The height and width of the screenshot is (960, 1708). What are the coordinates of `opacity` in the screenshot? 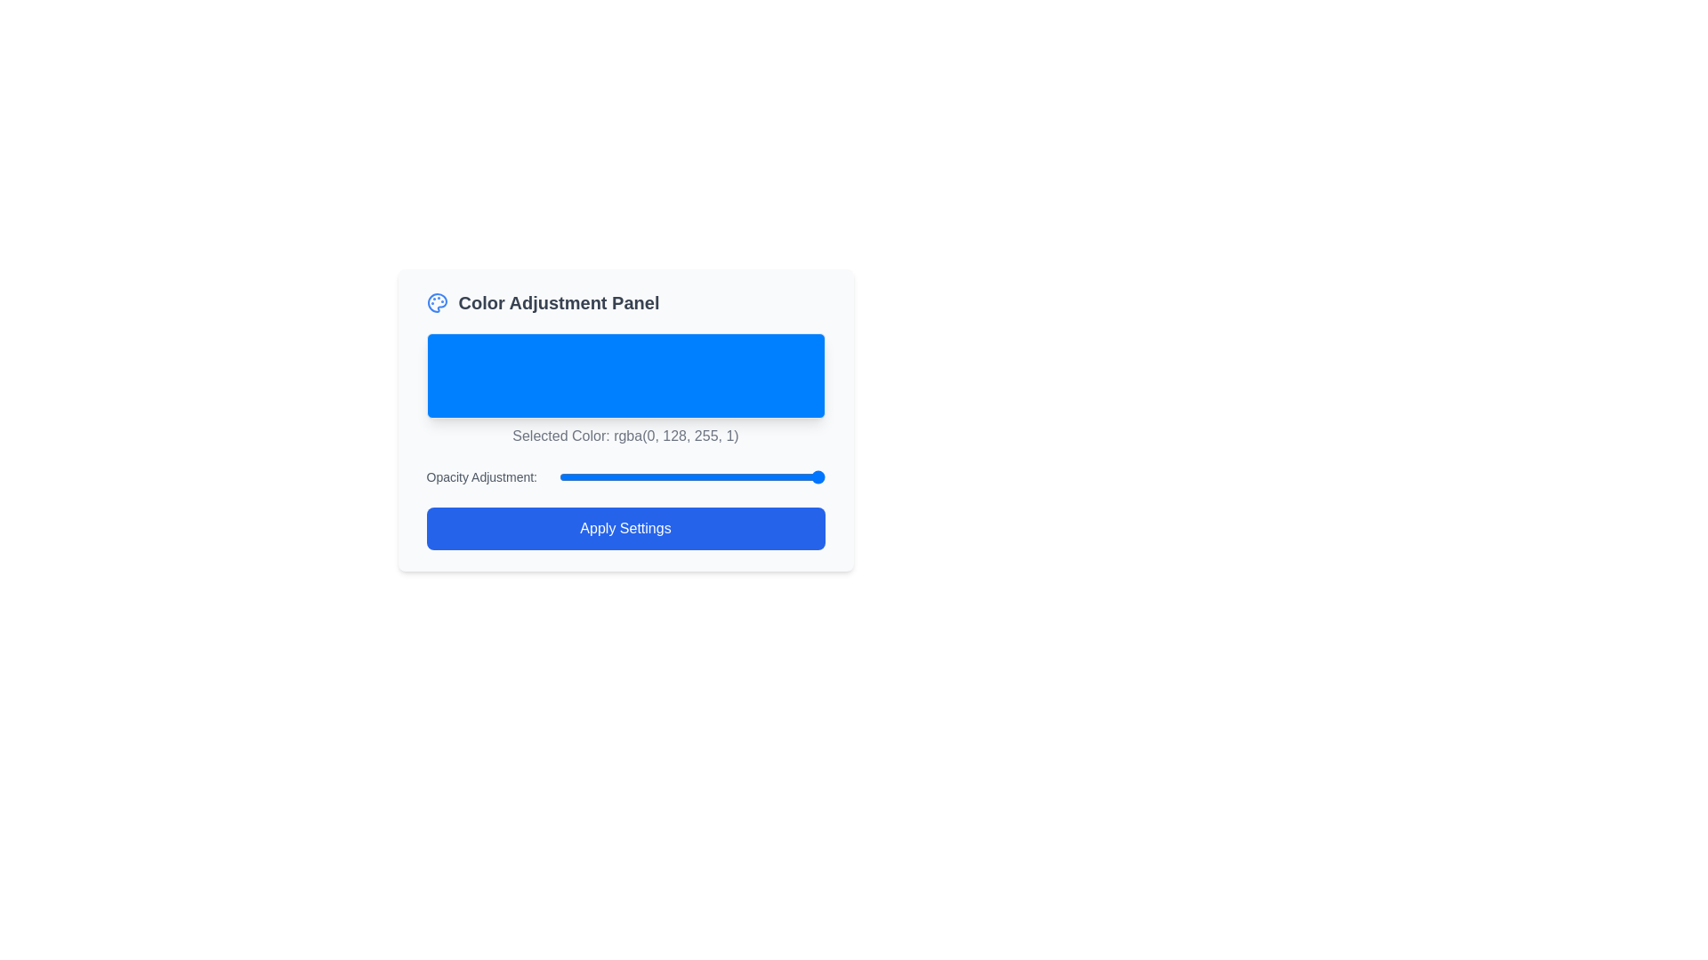 It's located at (558, 476).